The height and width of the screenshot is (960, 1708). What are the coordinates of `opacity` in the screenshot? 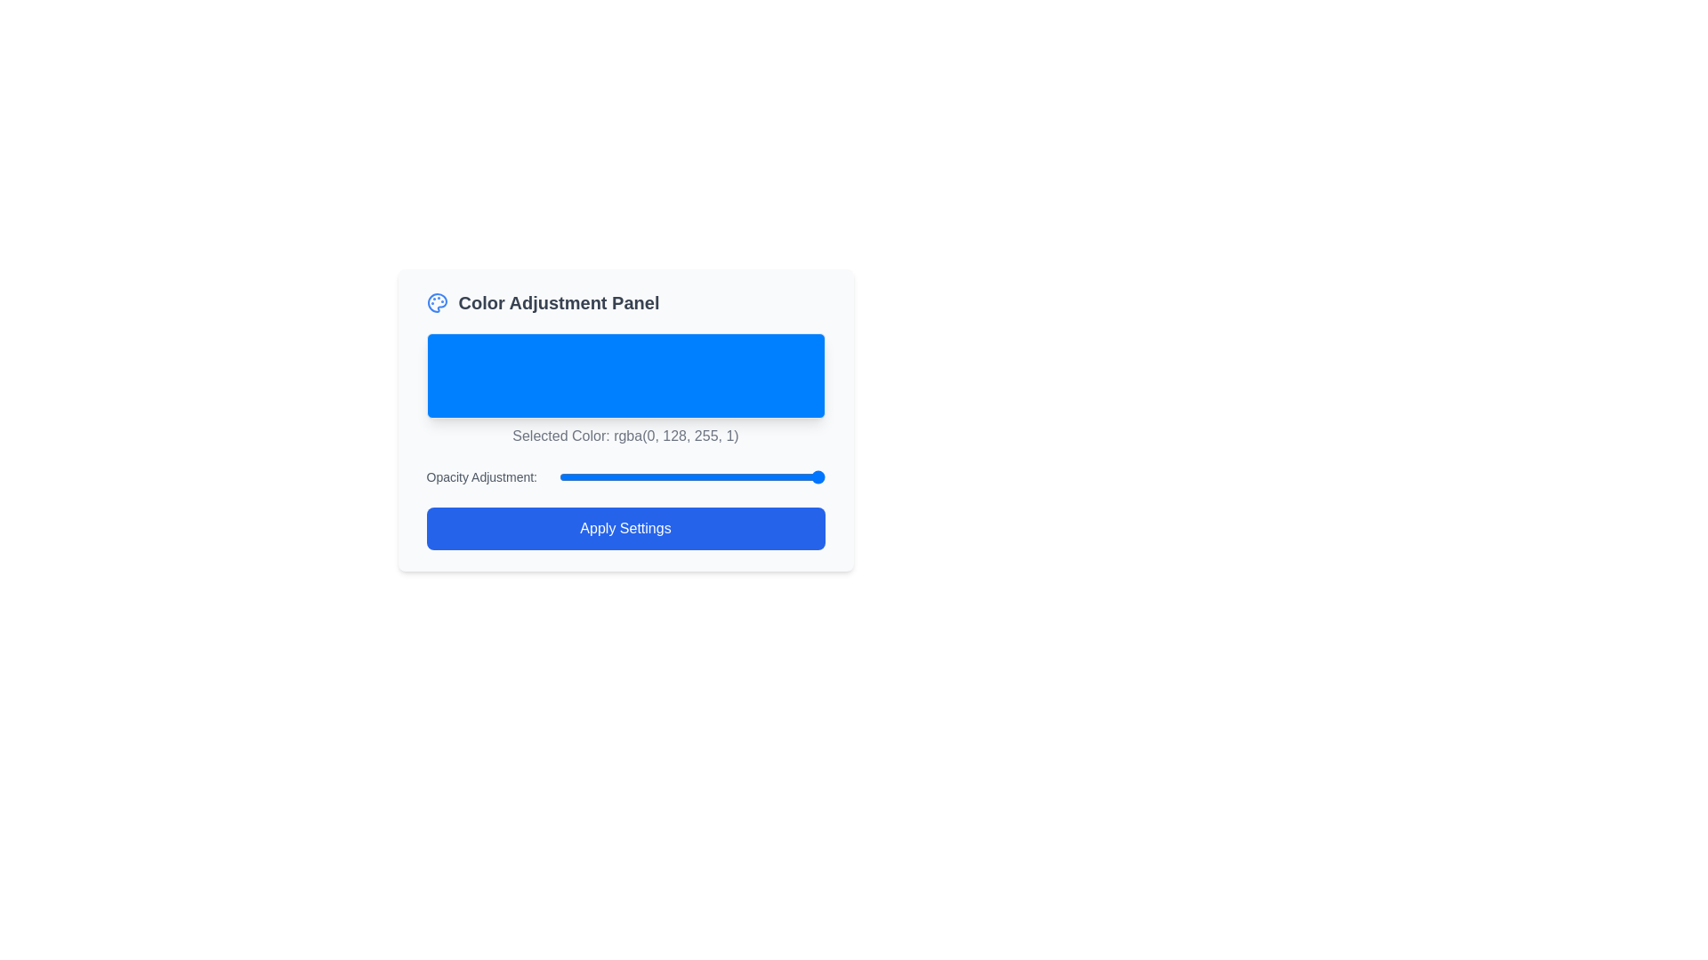 It's located at (558, 476).